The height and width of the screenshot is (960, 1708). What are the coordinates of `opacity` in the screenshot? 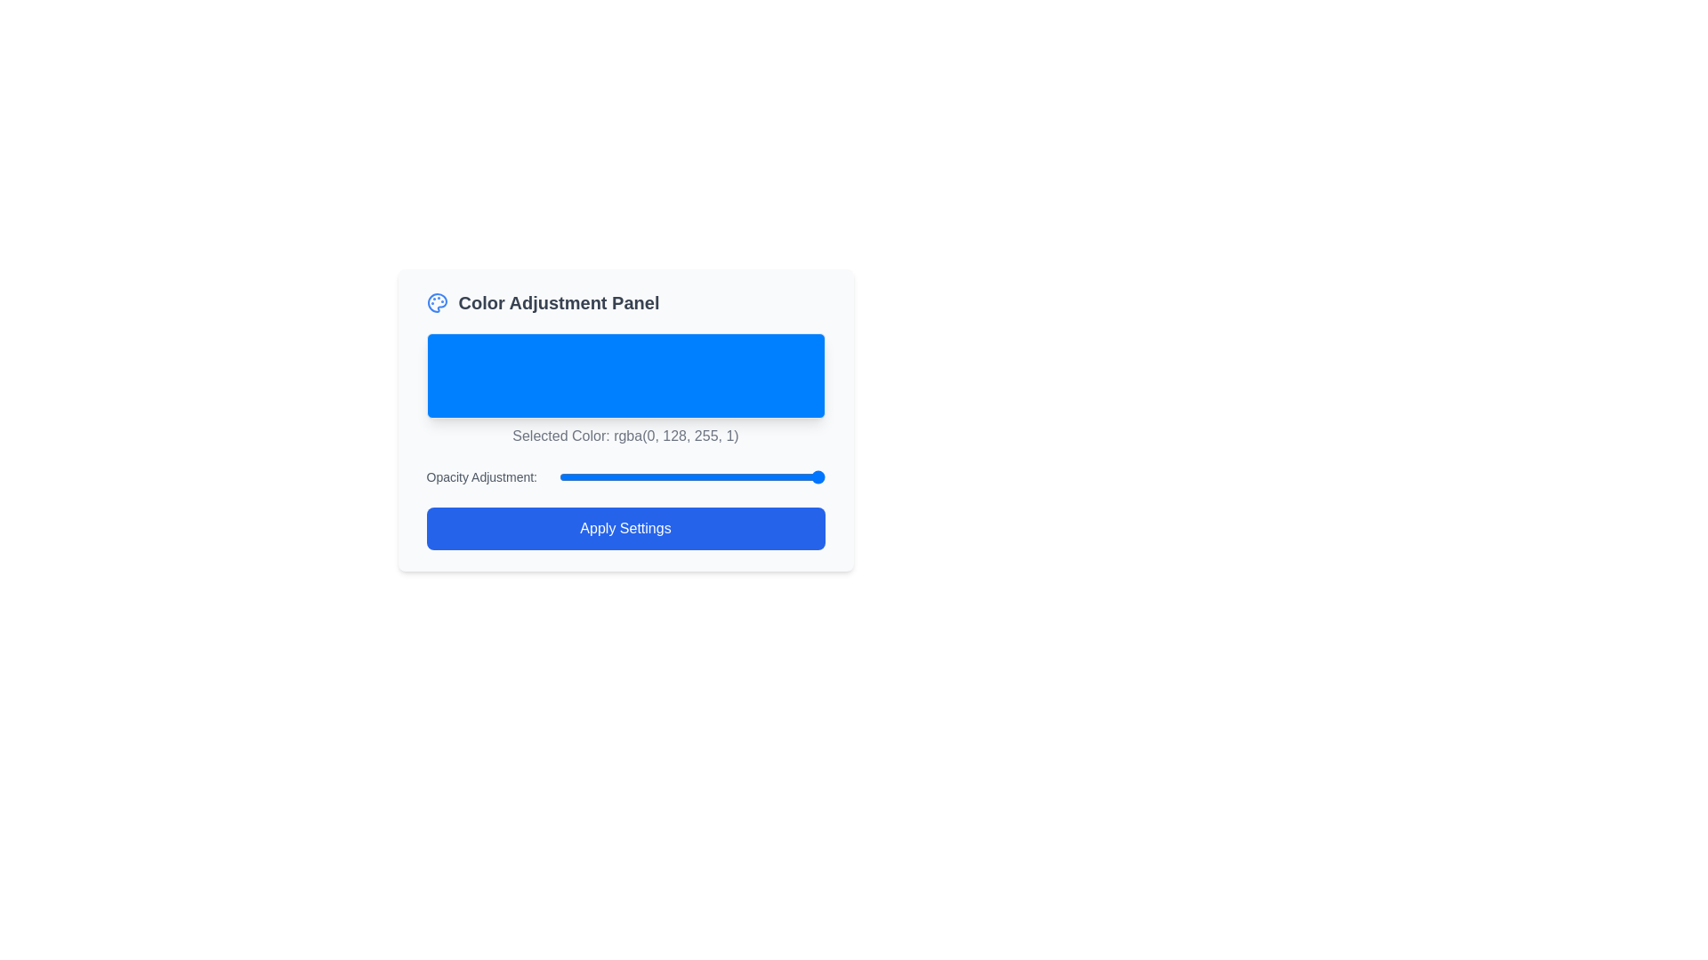 It's located at (558, 476).